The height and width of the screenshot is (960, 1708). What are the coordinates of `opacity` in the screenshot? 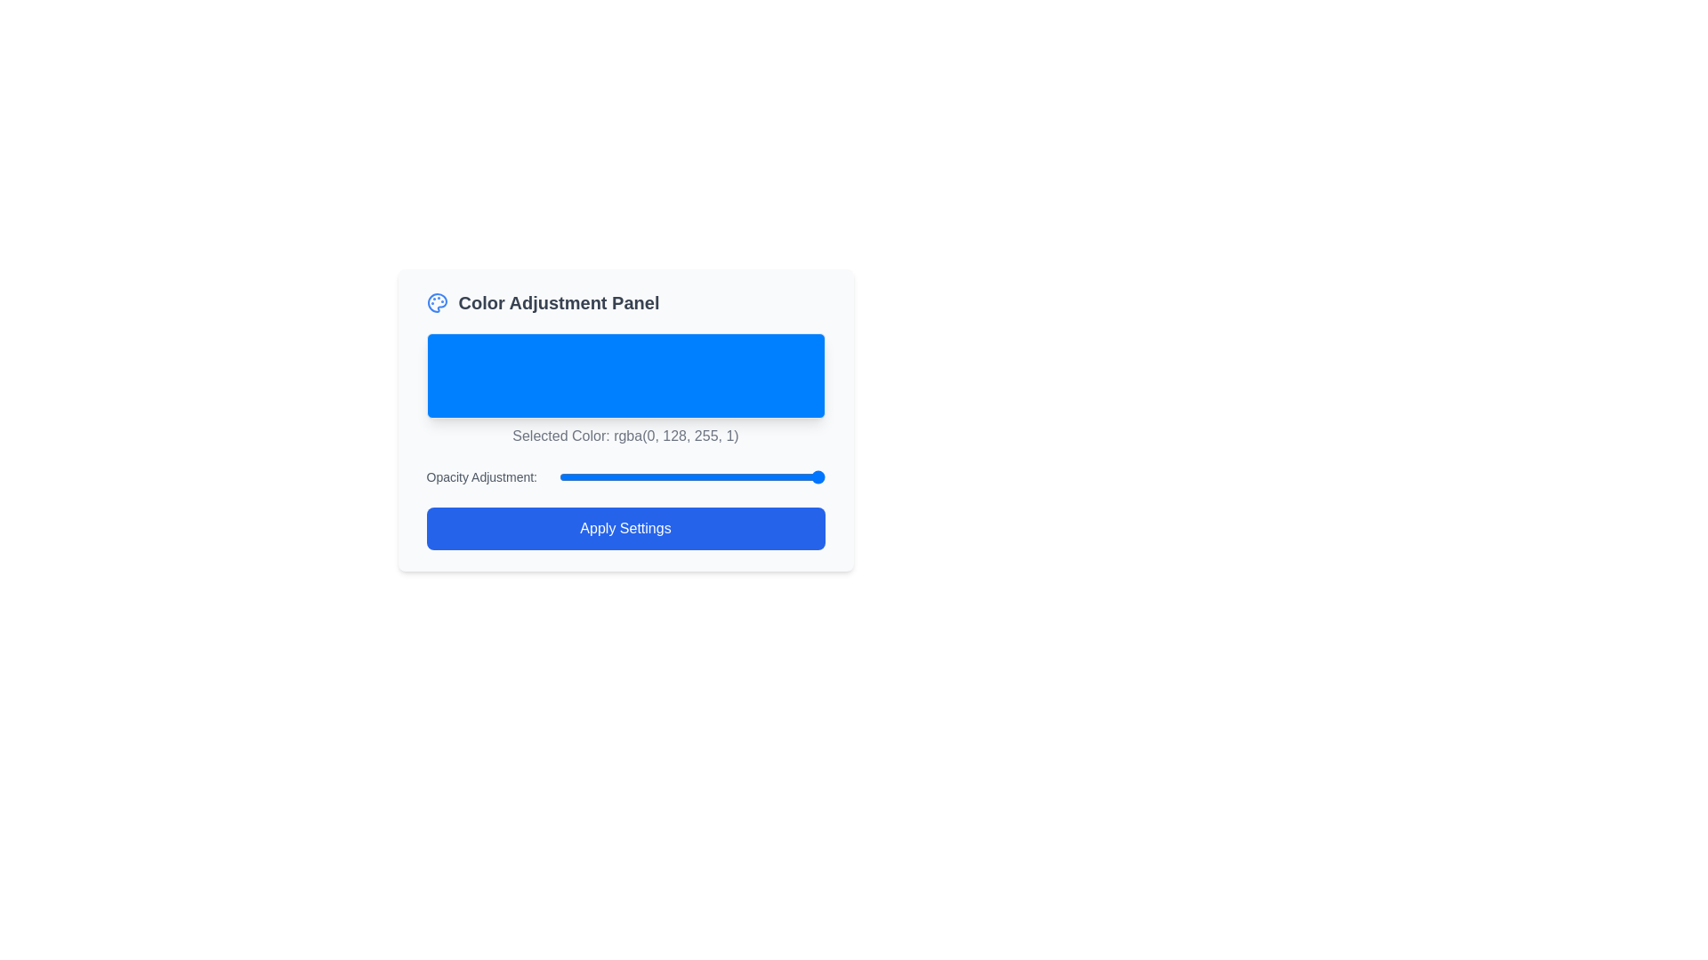 It's located at (558, 476).